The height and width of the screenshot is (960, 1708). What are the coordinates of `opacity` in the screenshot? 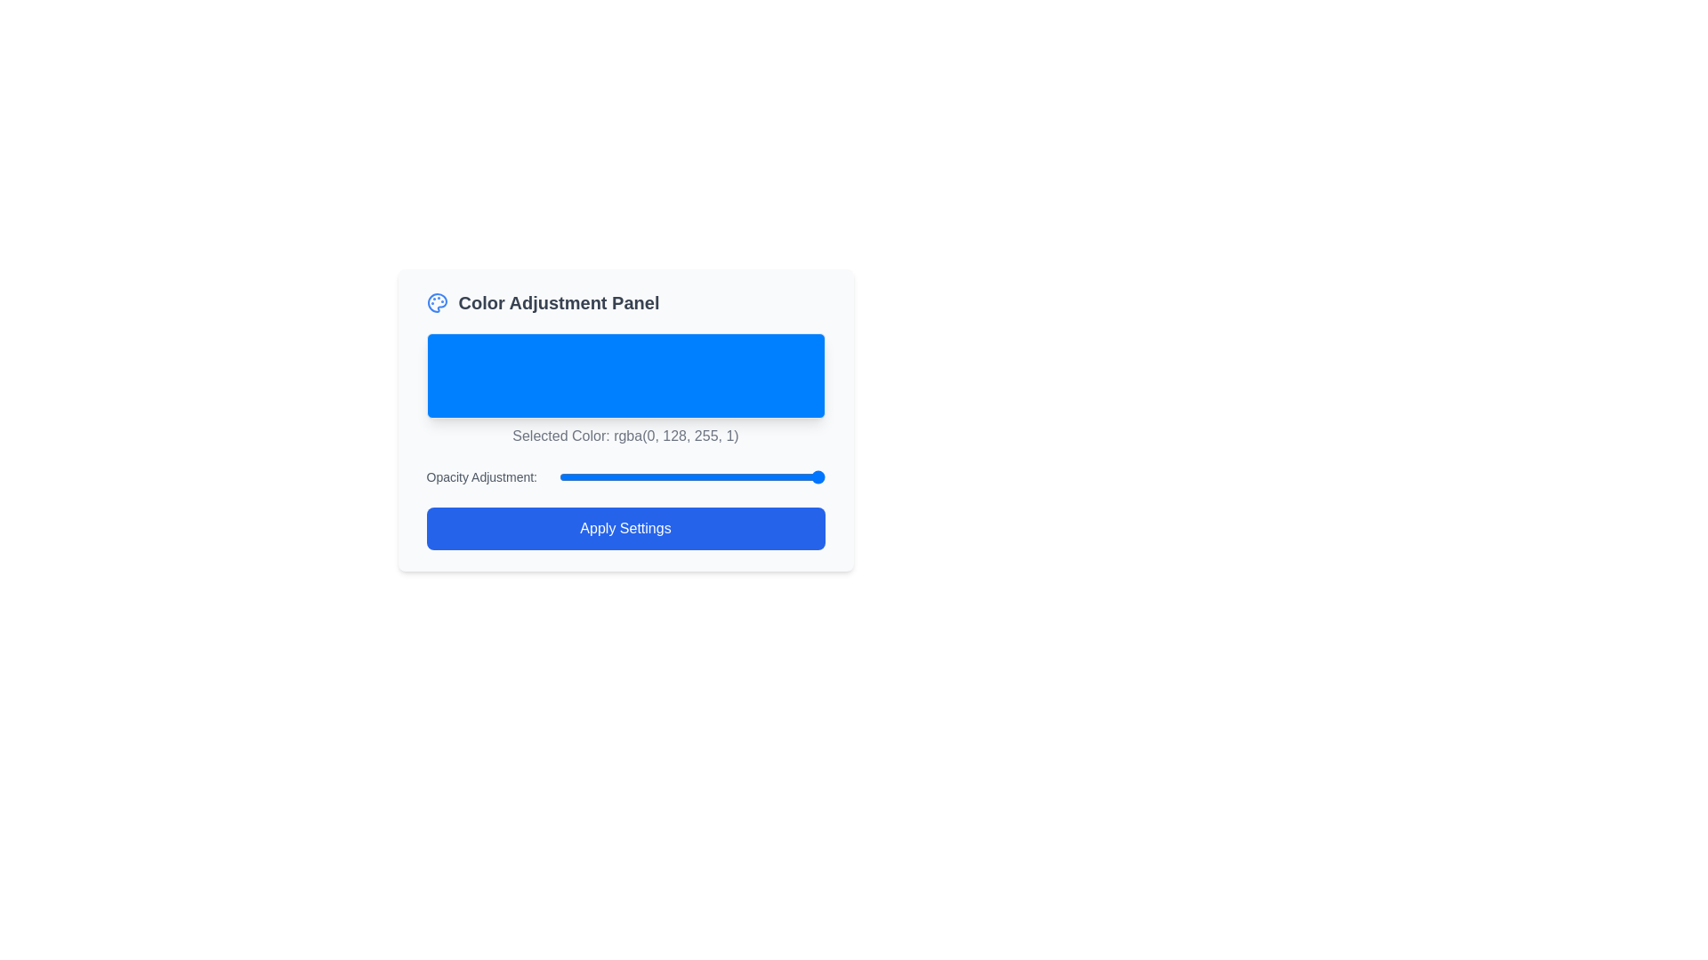 It's located at (558, 476).